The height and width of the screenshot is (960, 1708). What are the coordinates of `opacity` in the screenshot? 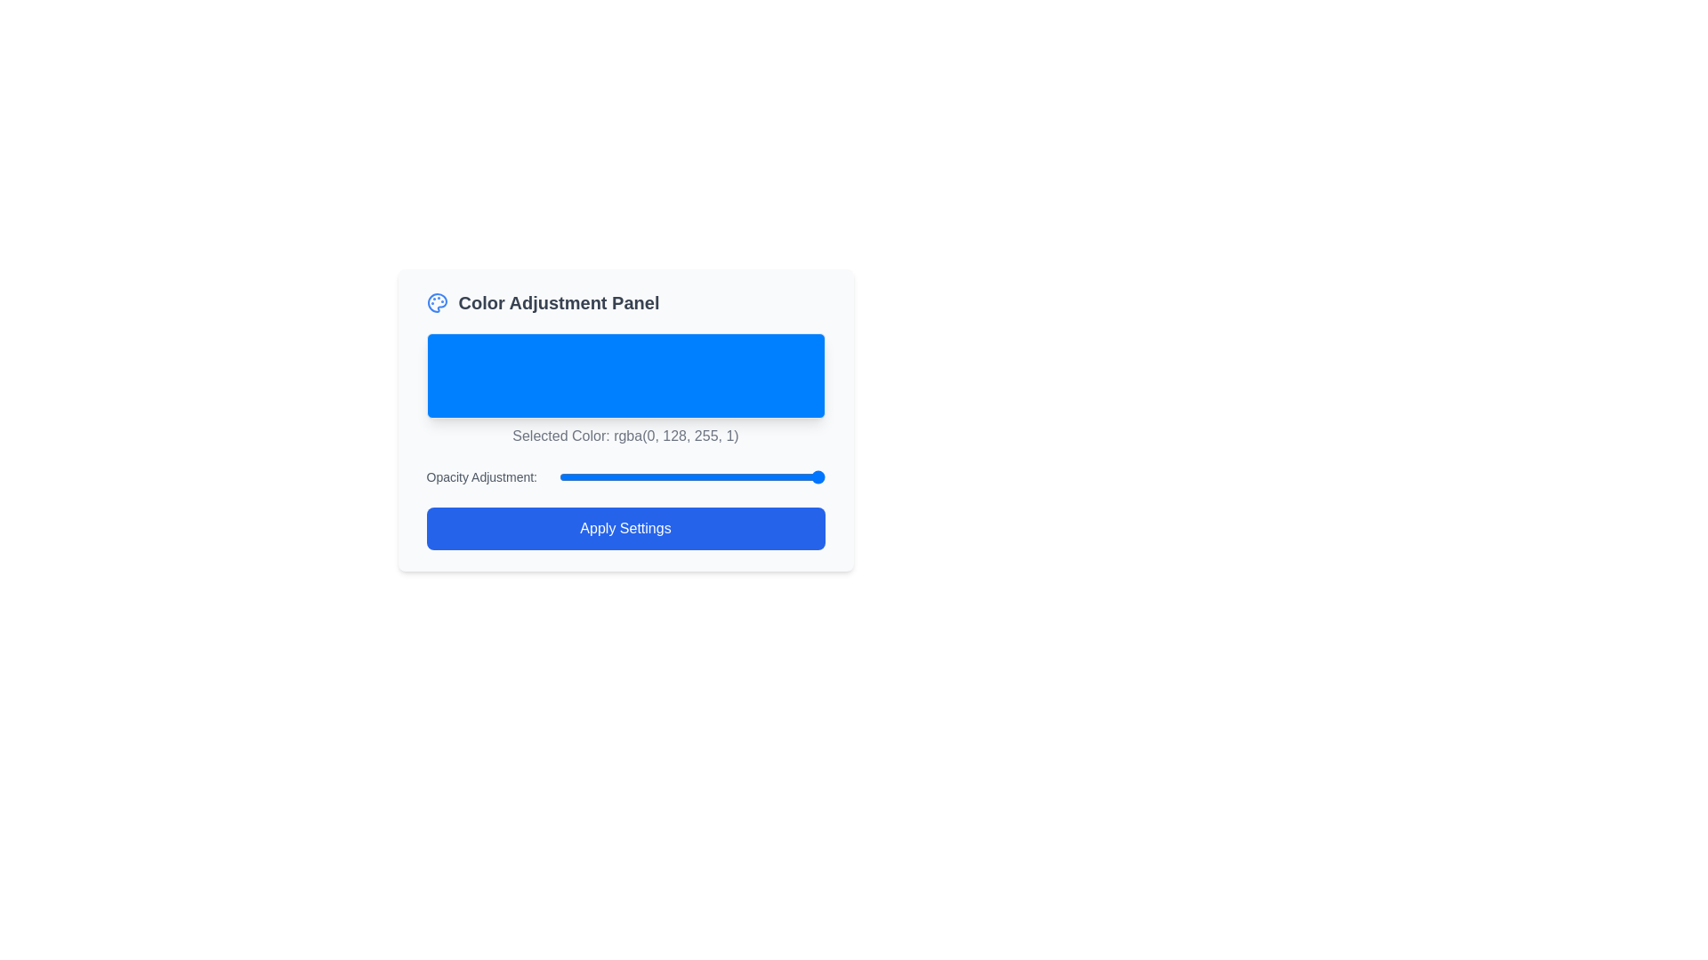 It's located at (558, 476).